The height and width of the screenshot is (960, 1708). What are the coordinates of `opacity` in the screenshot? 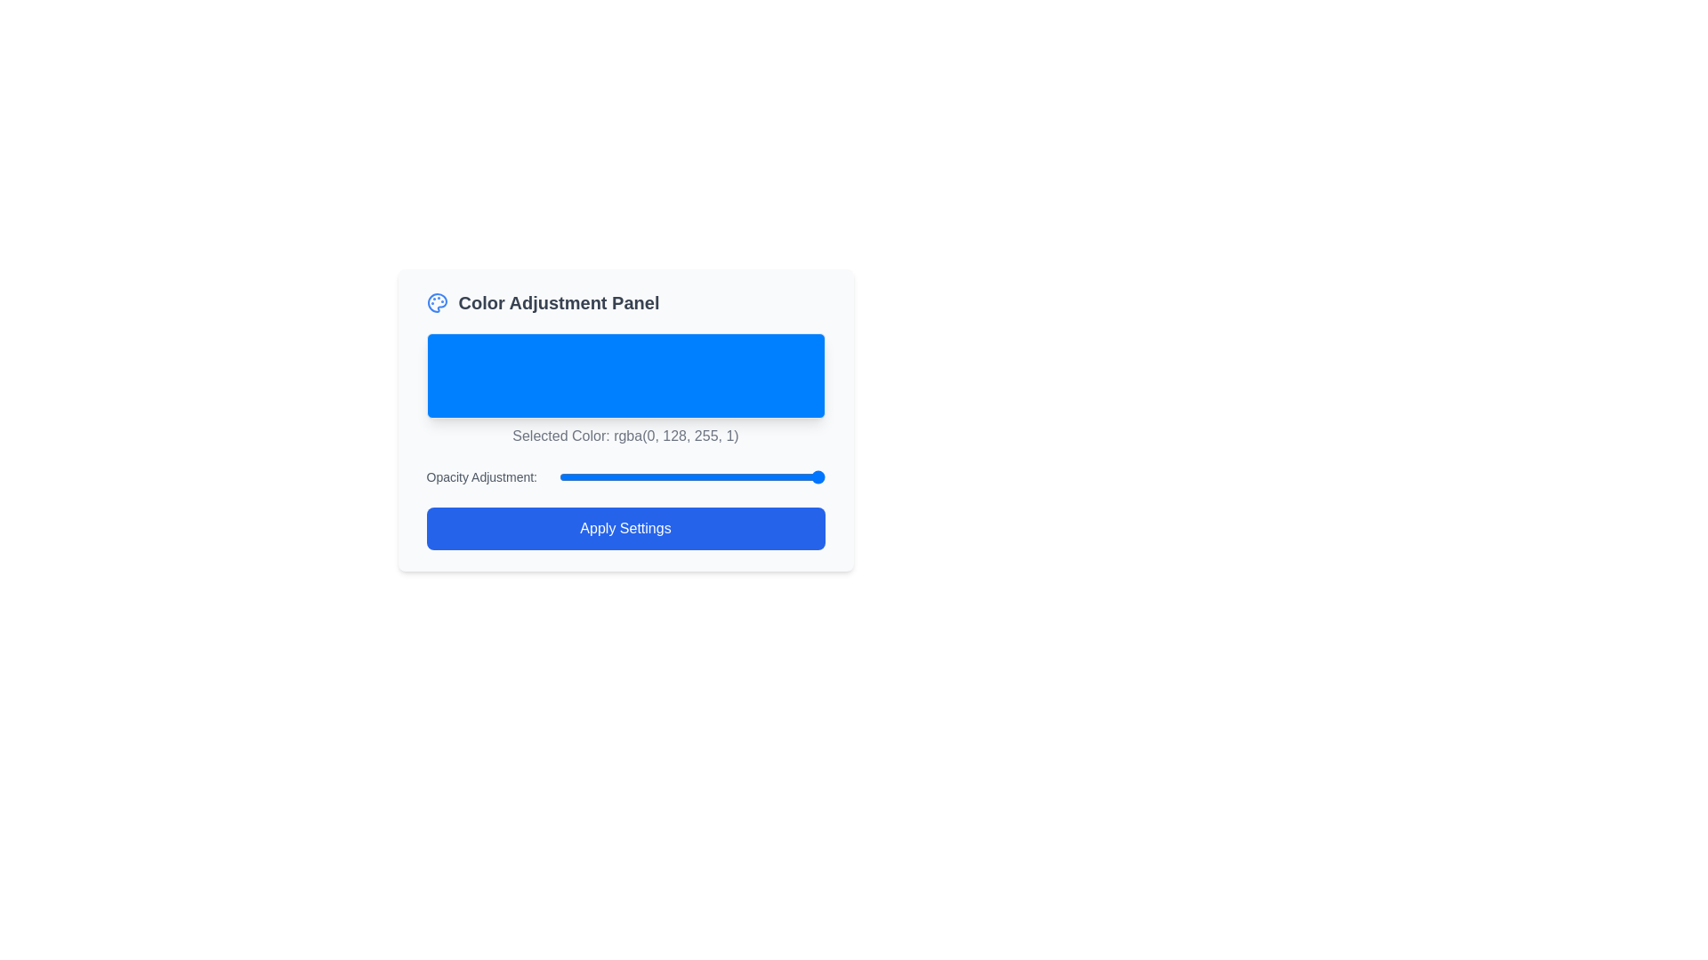 It's located at (558, 476).